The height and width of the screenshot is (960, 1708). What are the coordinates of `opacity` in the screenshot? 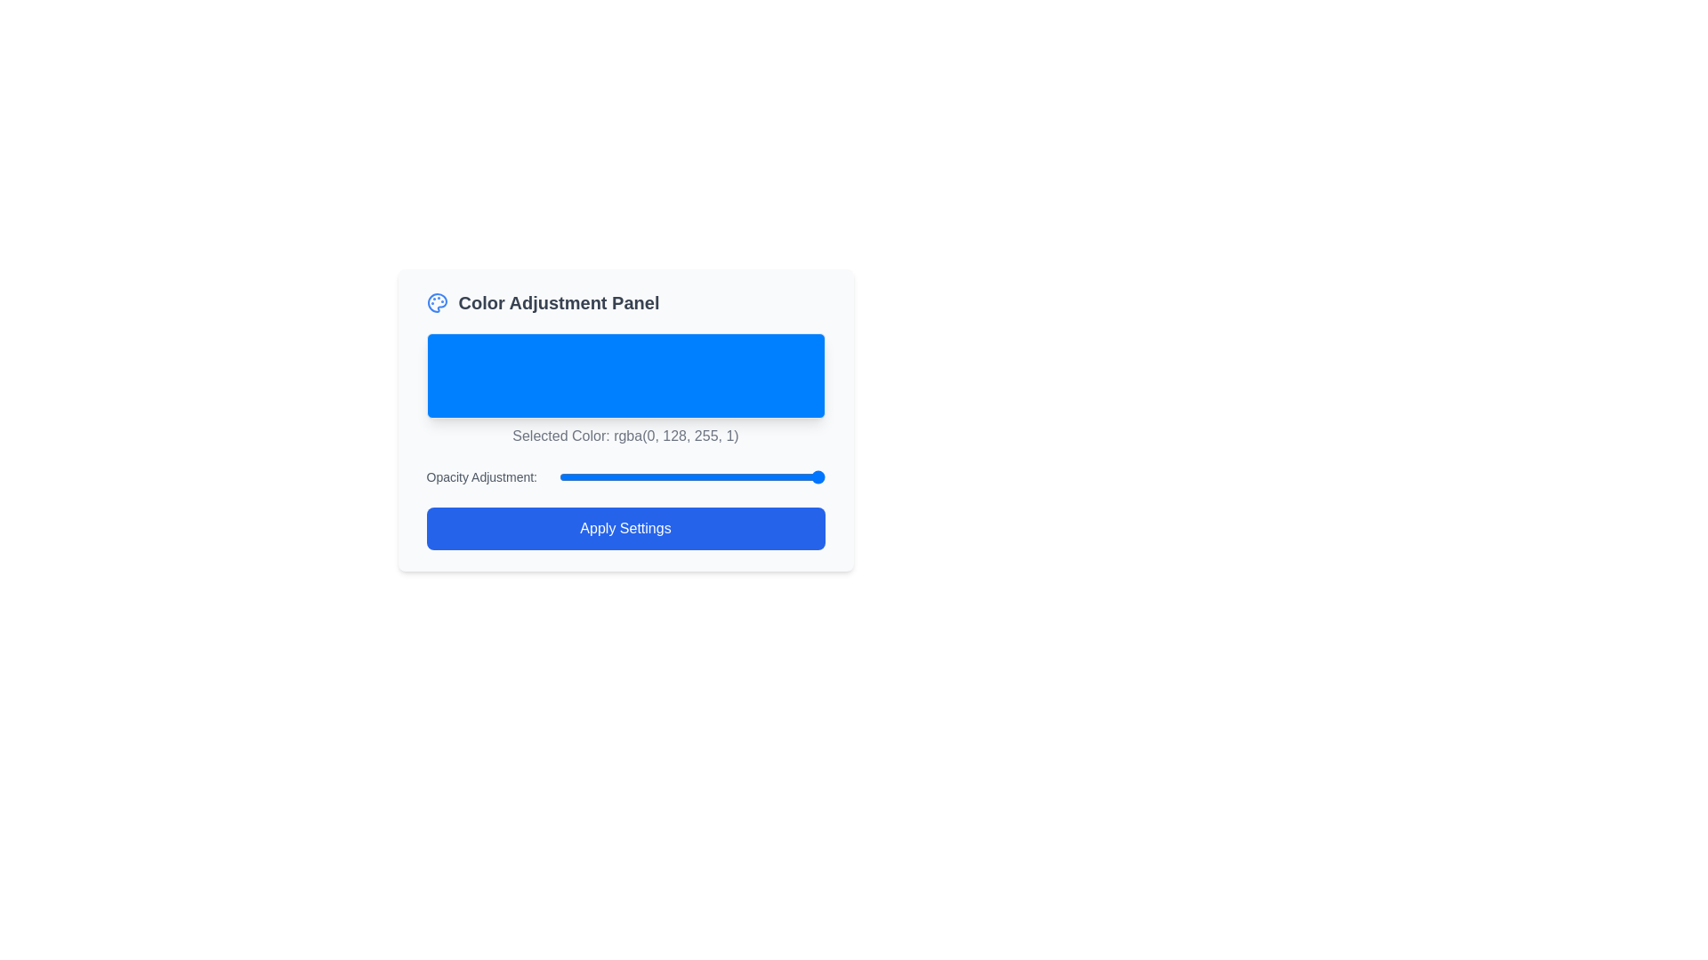 It's located at (558, 476).